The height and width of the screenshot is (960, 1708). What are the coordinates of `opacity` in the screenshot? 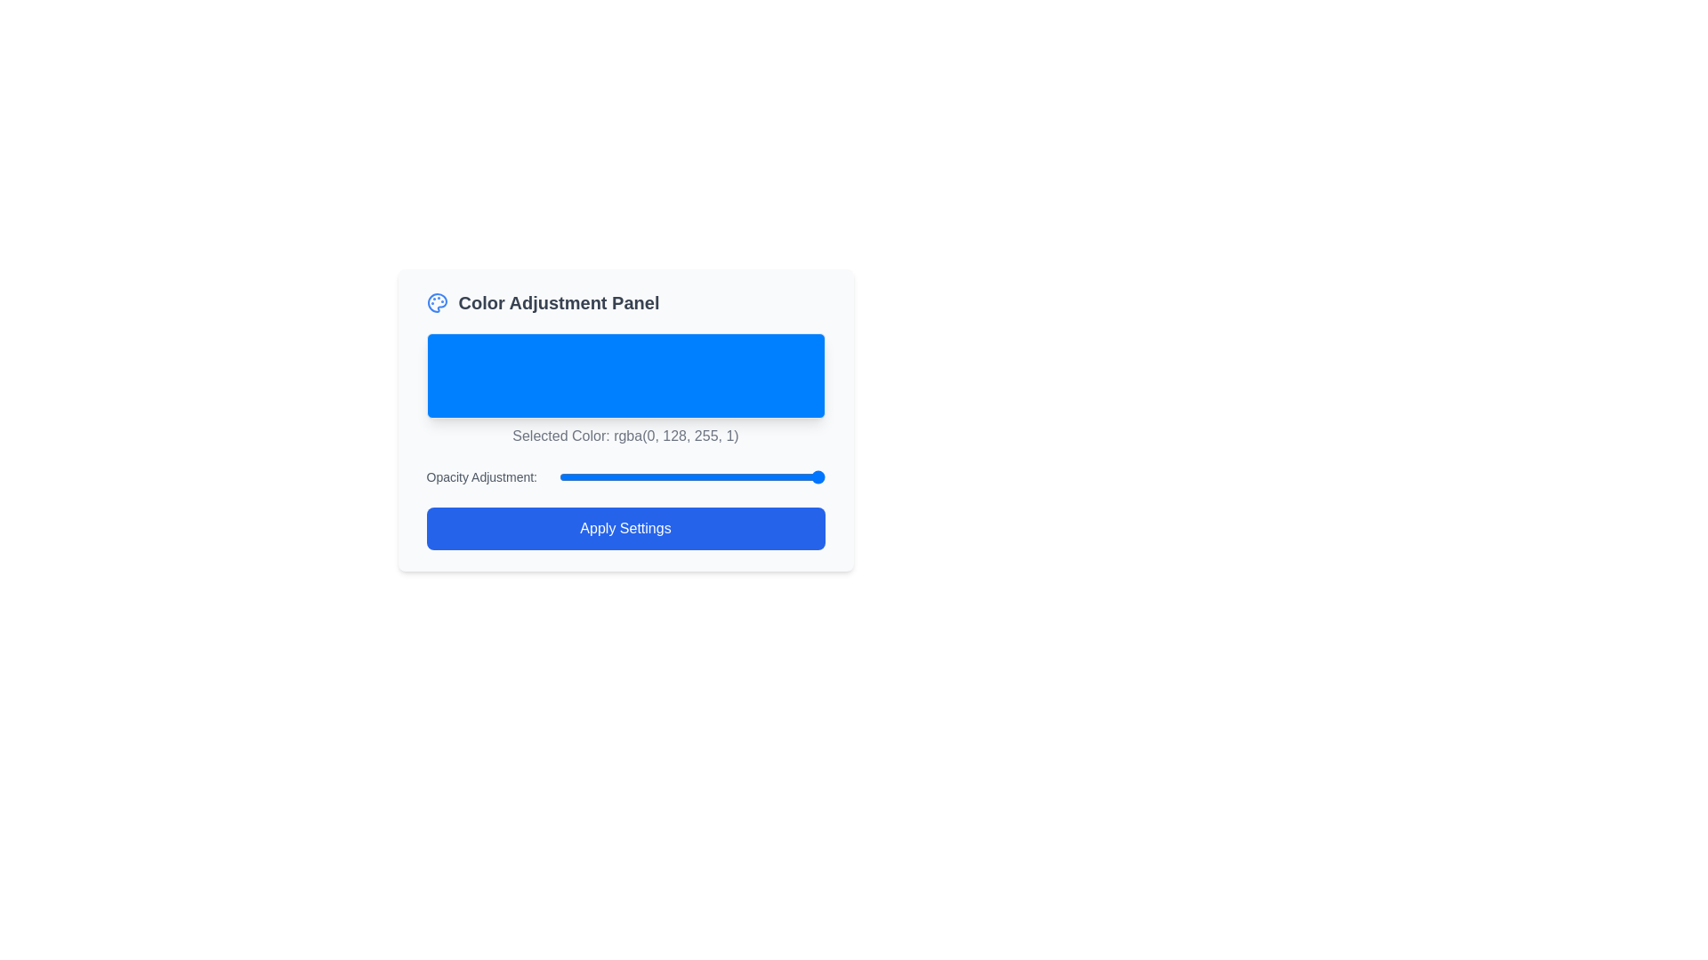 It's located at (558, 476).